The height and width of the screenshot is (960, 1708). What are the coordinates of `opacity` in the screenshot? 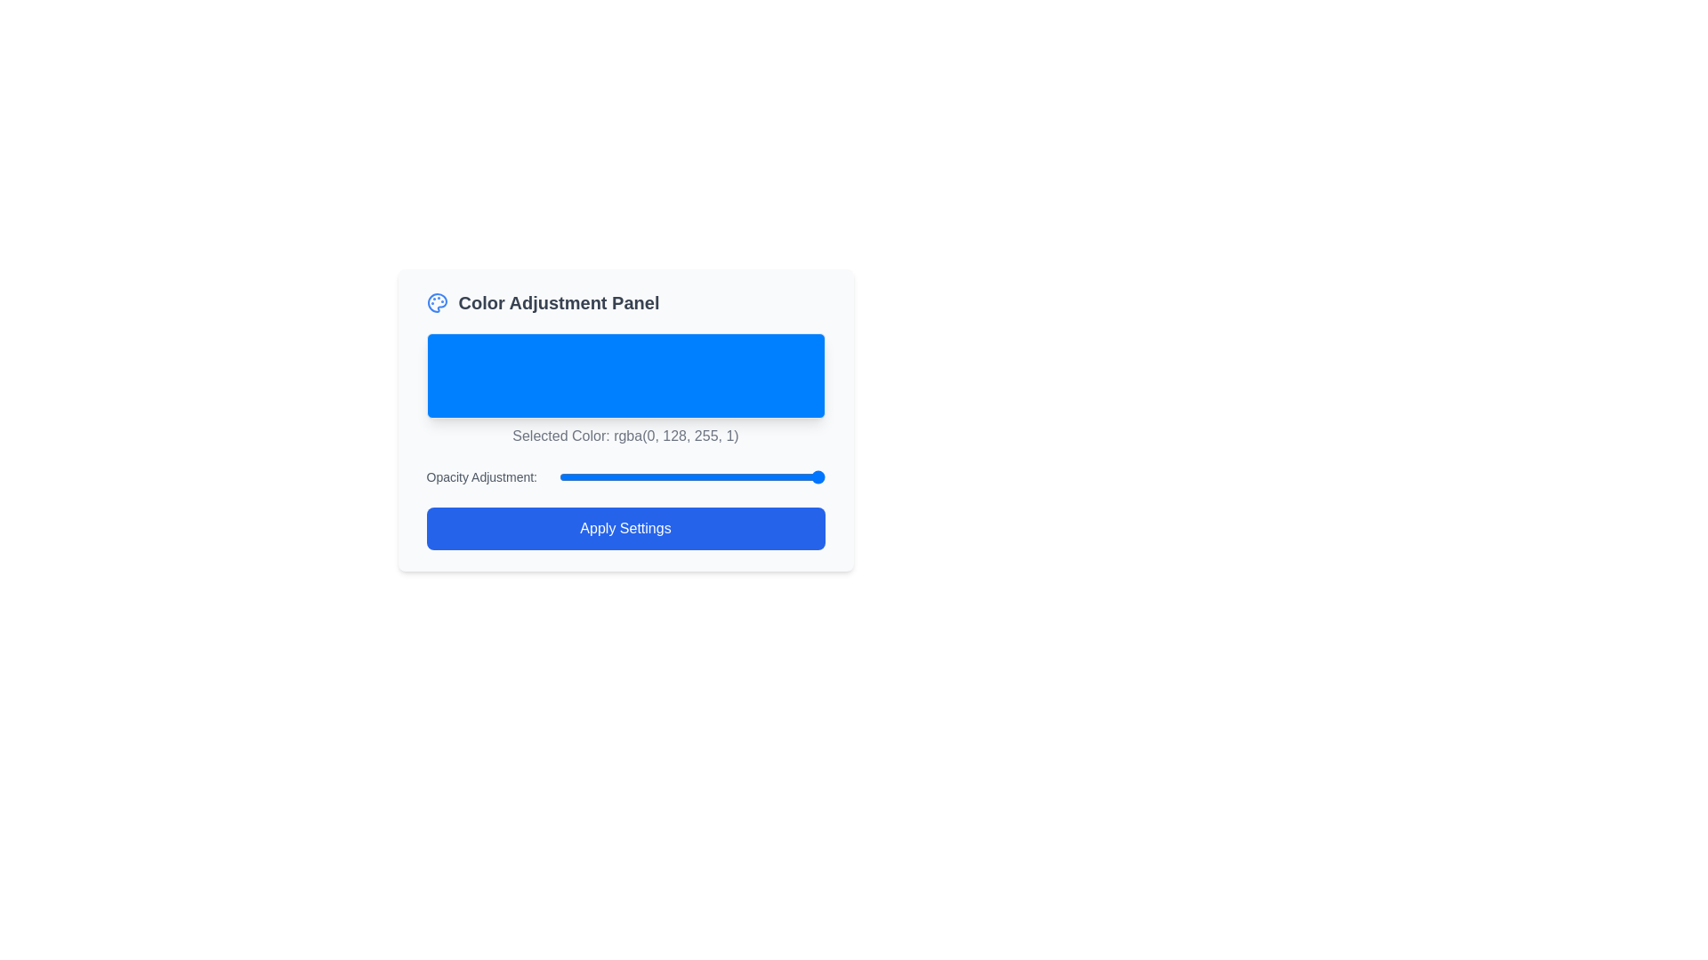 It's located at (558, 476).